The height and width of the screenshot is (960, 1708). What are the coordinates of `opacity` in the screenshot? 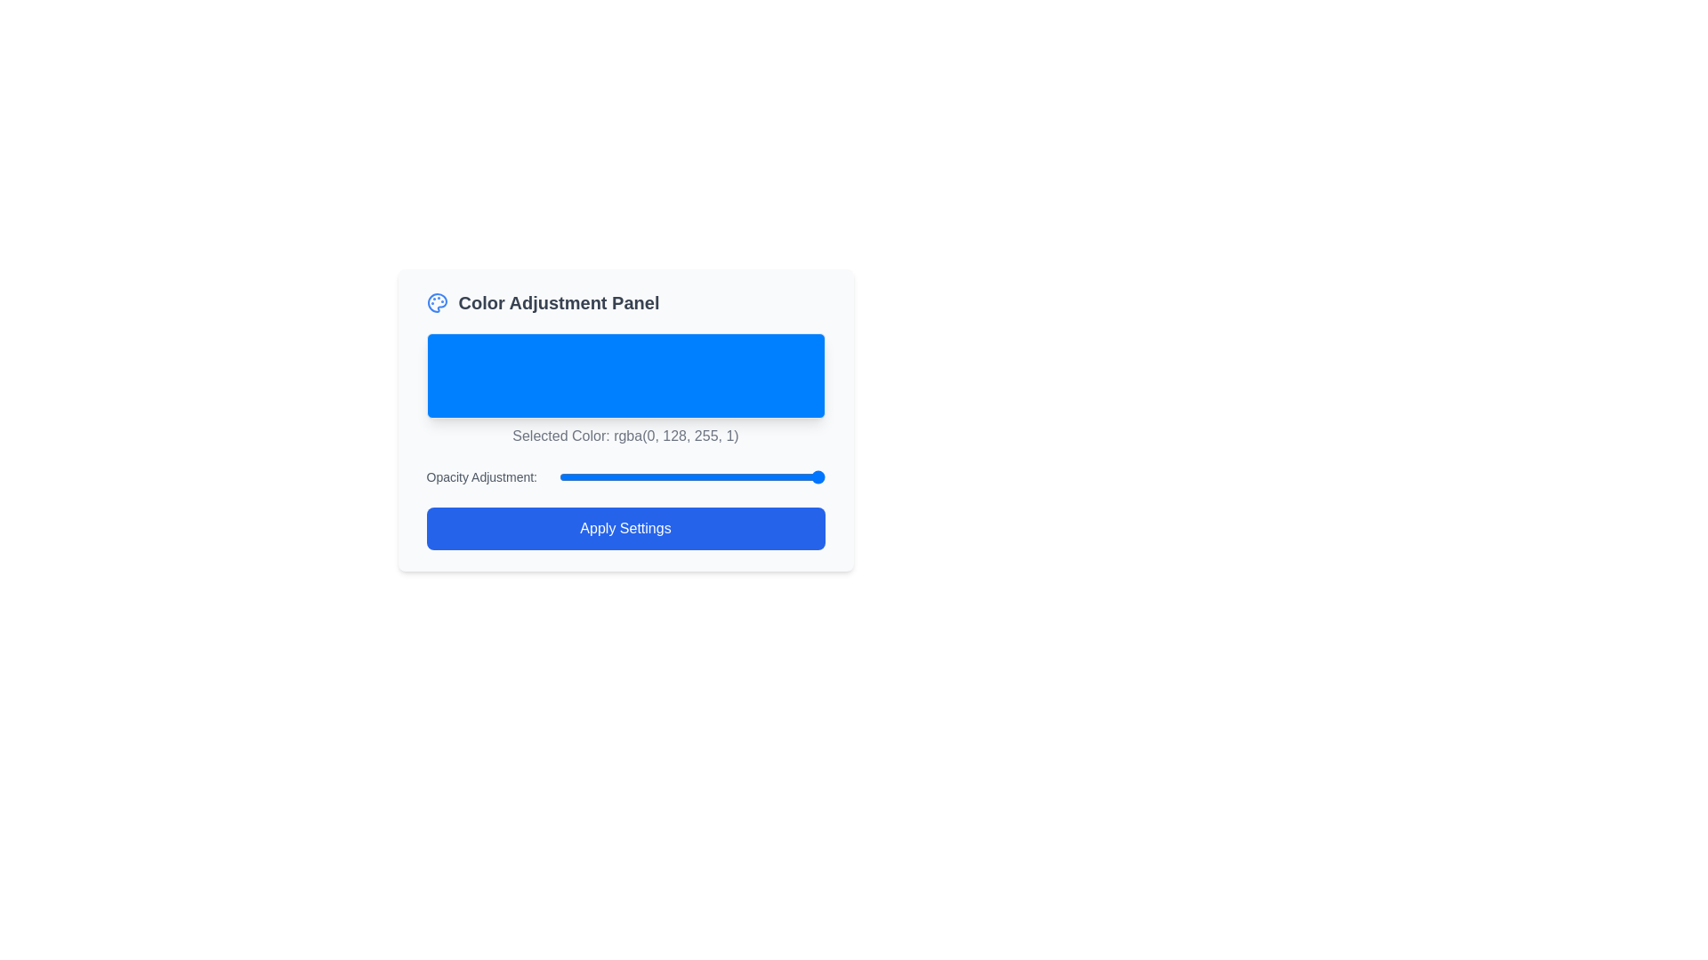 It's located at (558, 476).